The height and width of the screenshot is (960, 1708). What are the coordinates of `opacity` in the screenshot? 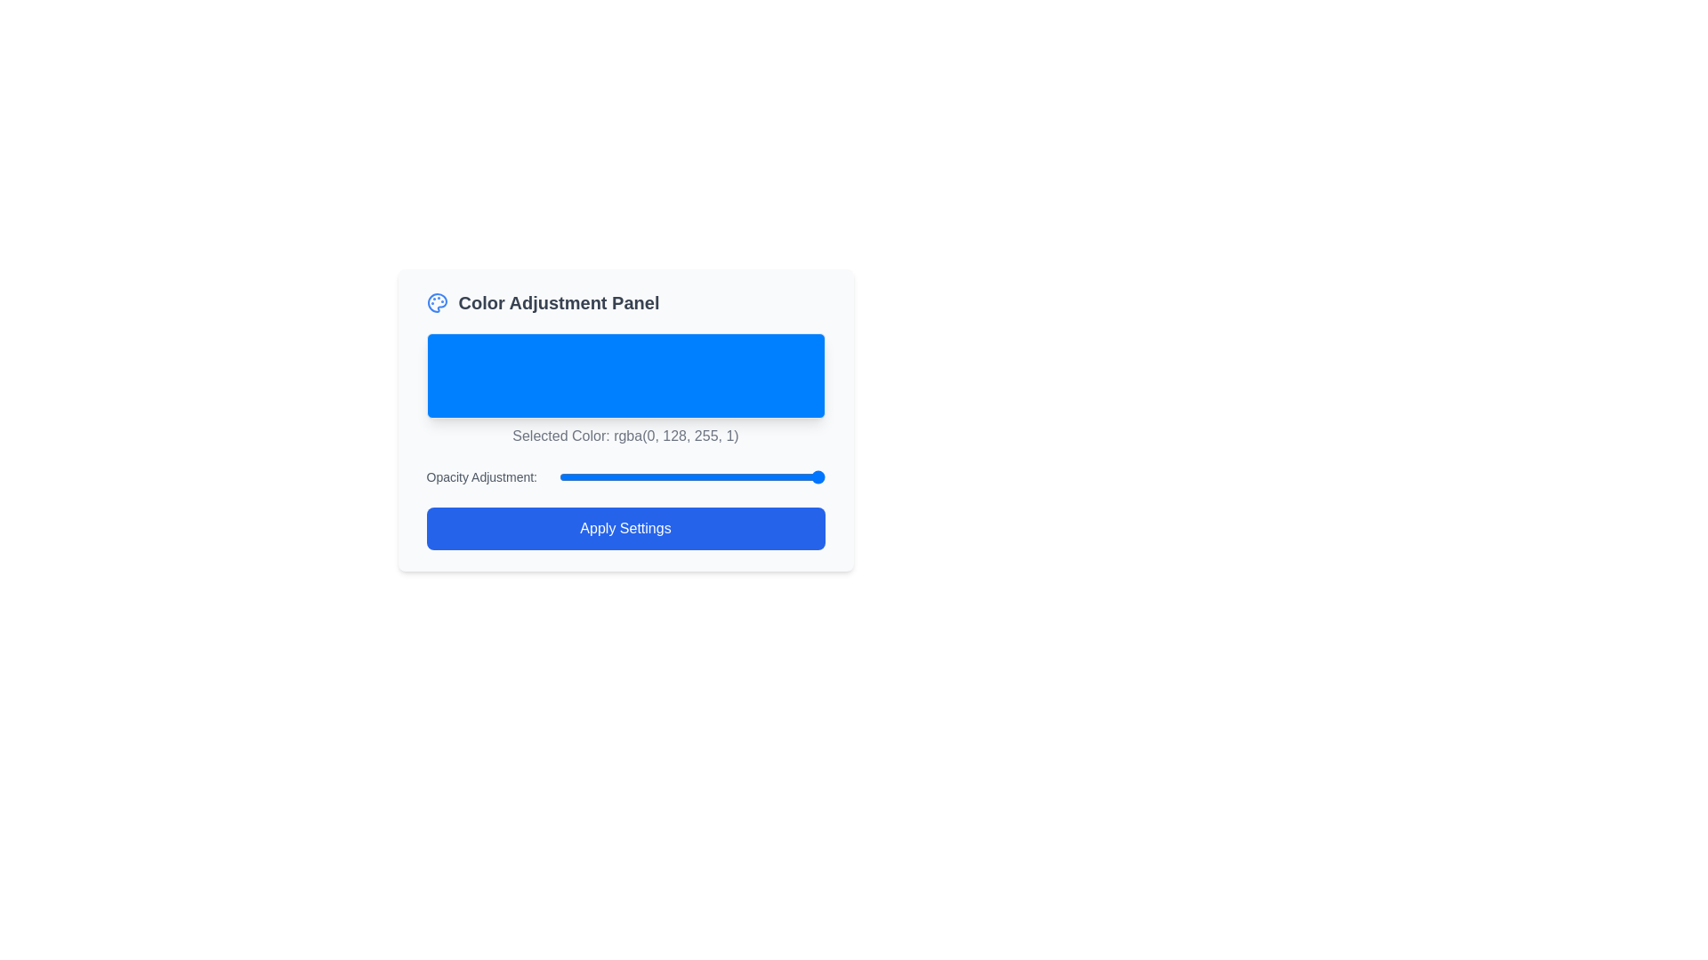 It's located at (558, 476).